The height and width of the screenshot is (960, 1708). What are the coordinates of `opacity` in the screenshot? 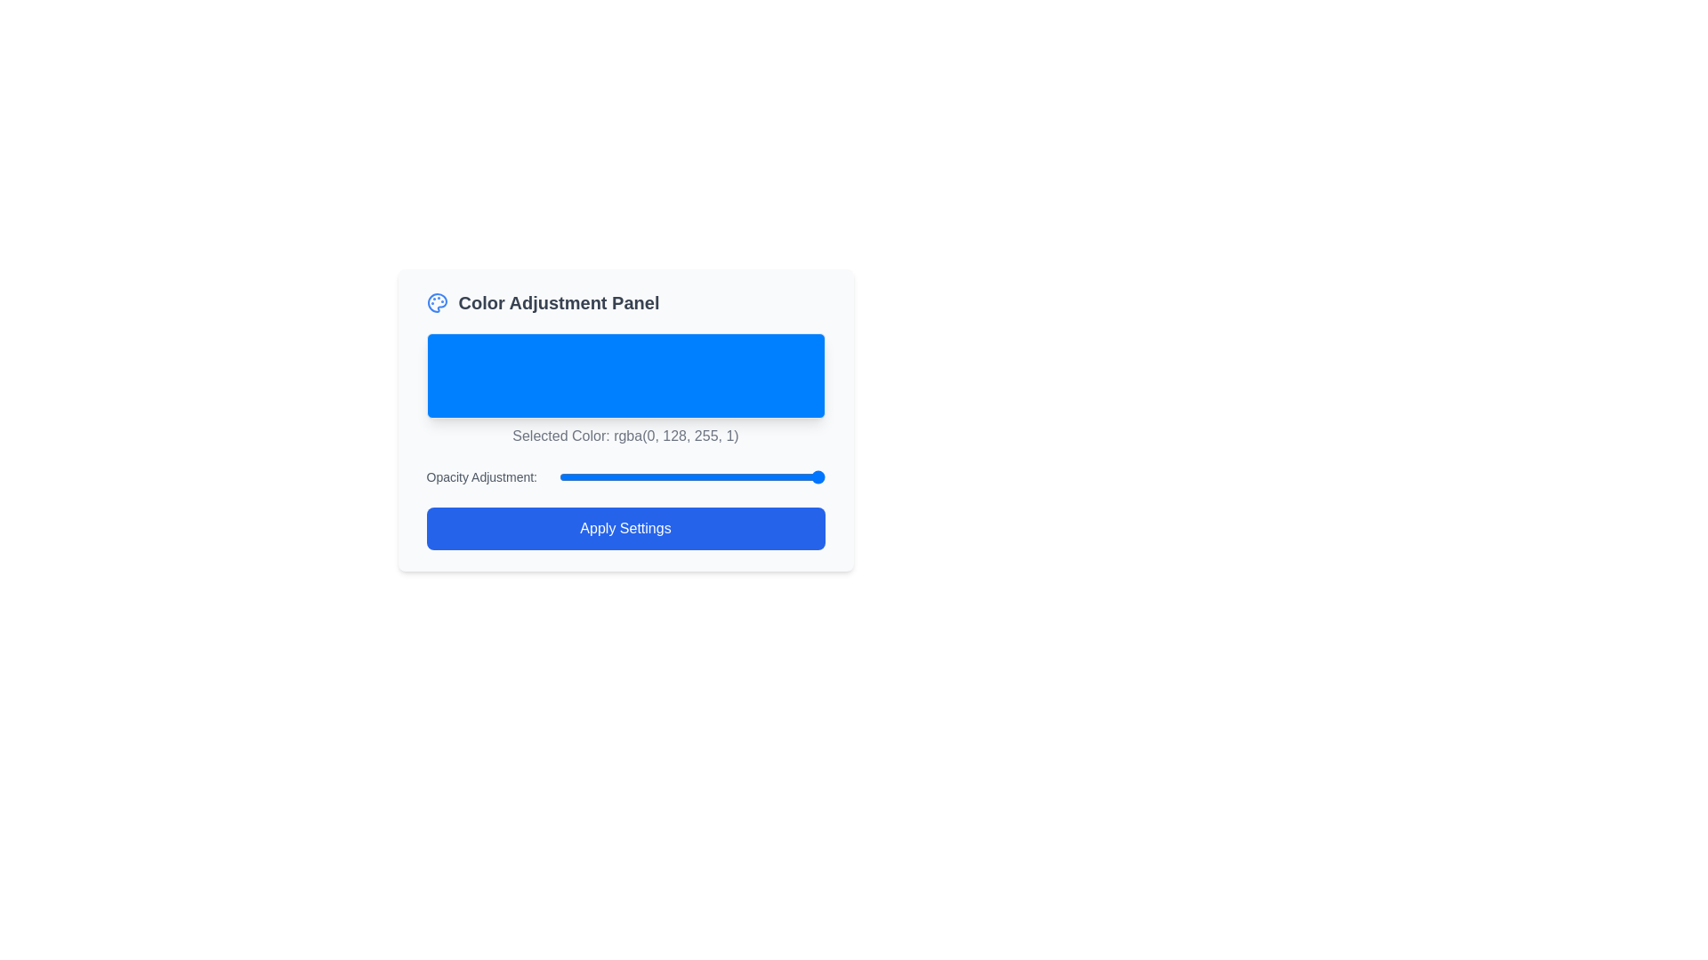 It's located at (558, 476).